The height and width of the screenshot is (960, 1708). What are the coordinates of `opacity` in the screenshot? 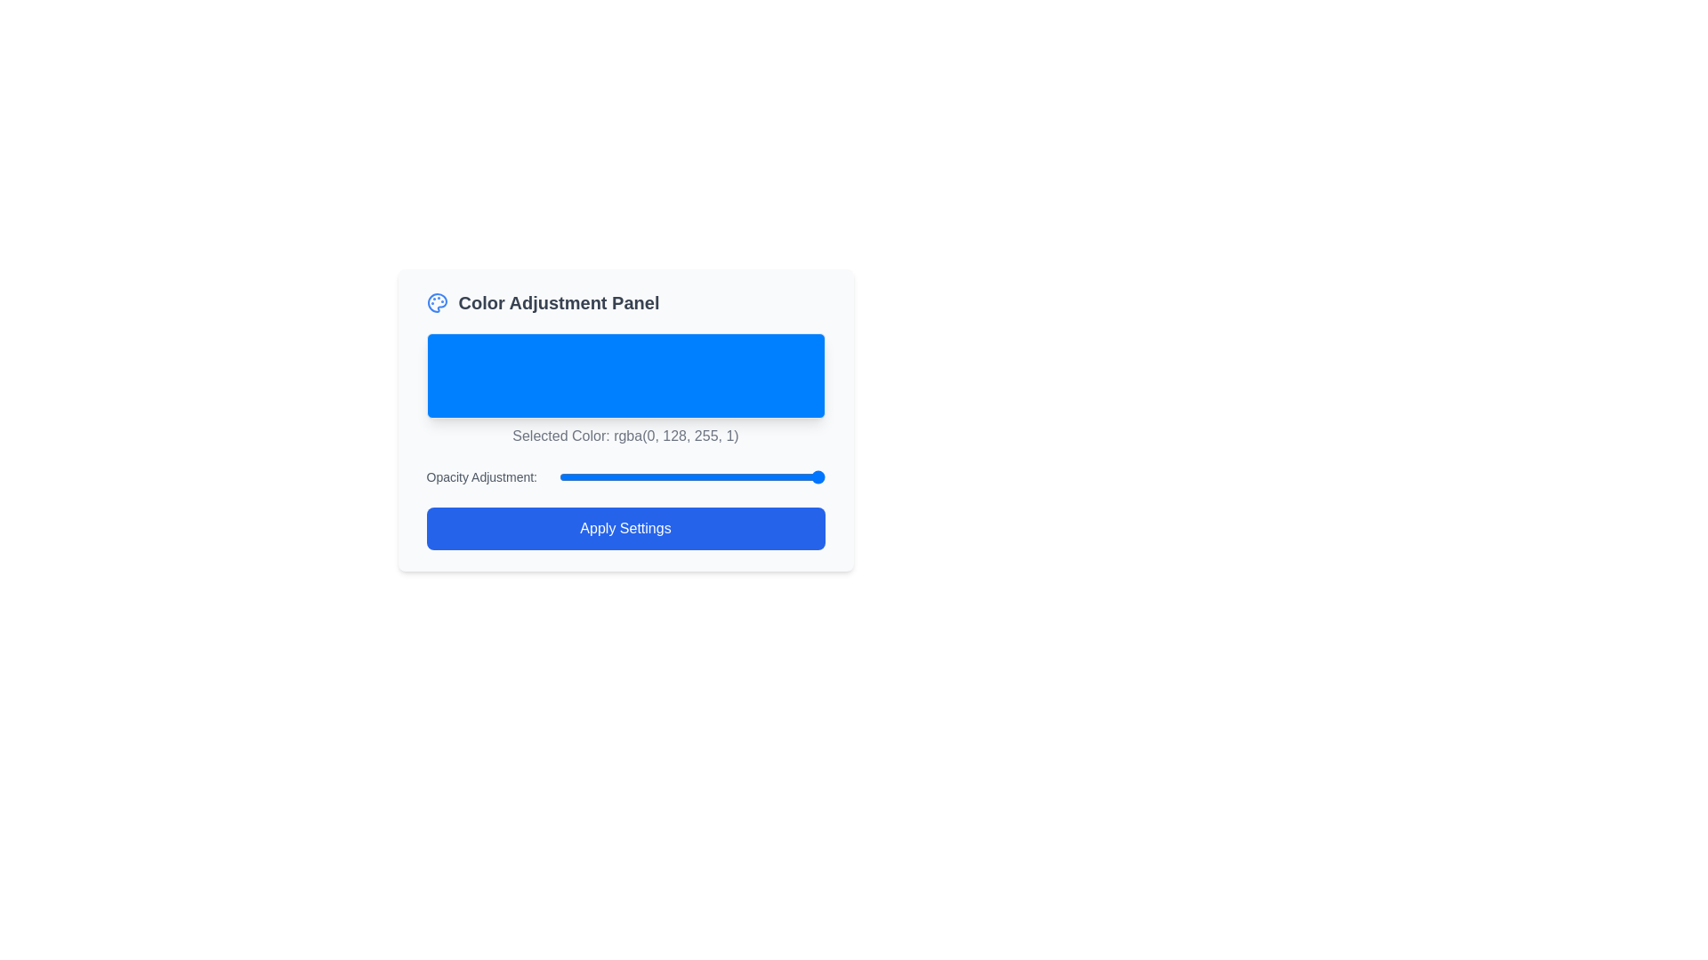 It's located at (558, 476).